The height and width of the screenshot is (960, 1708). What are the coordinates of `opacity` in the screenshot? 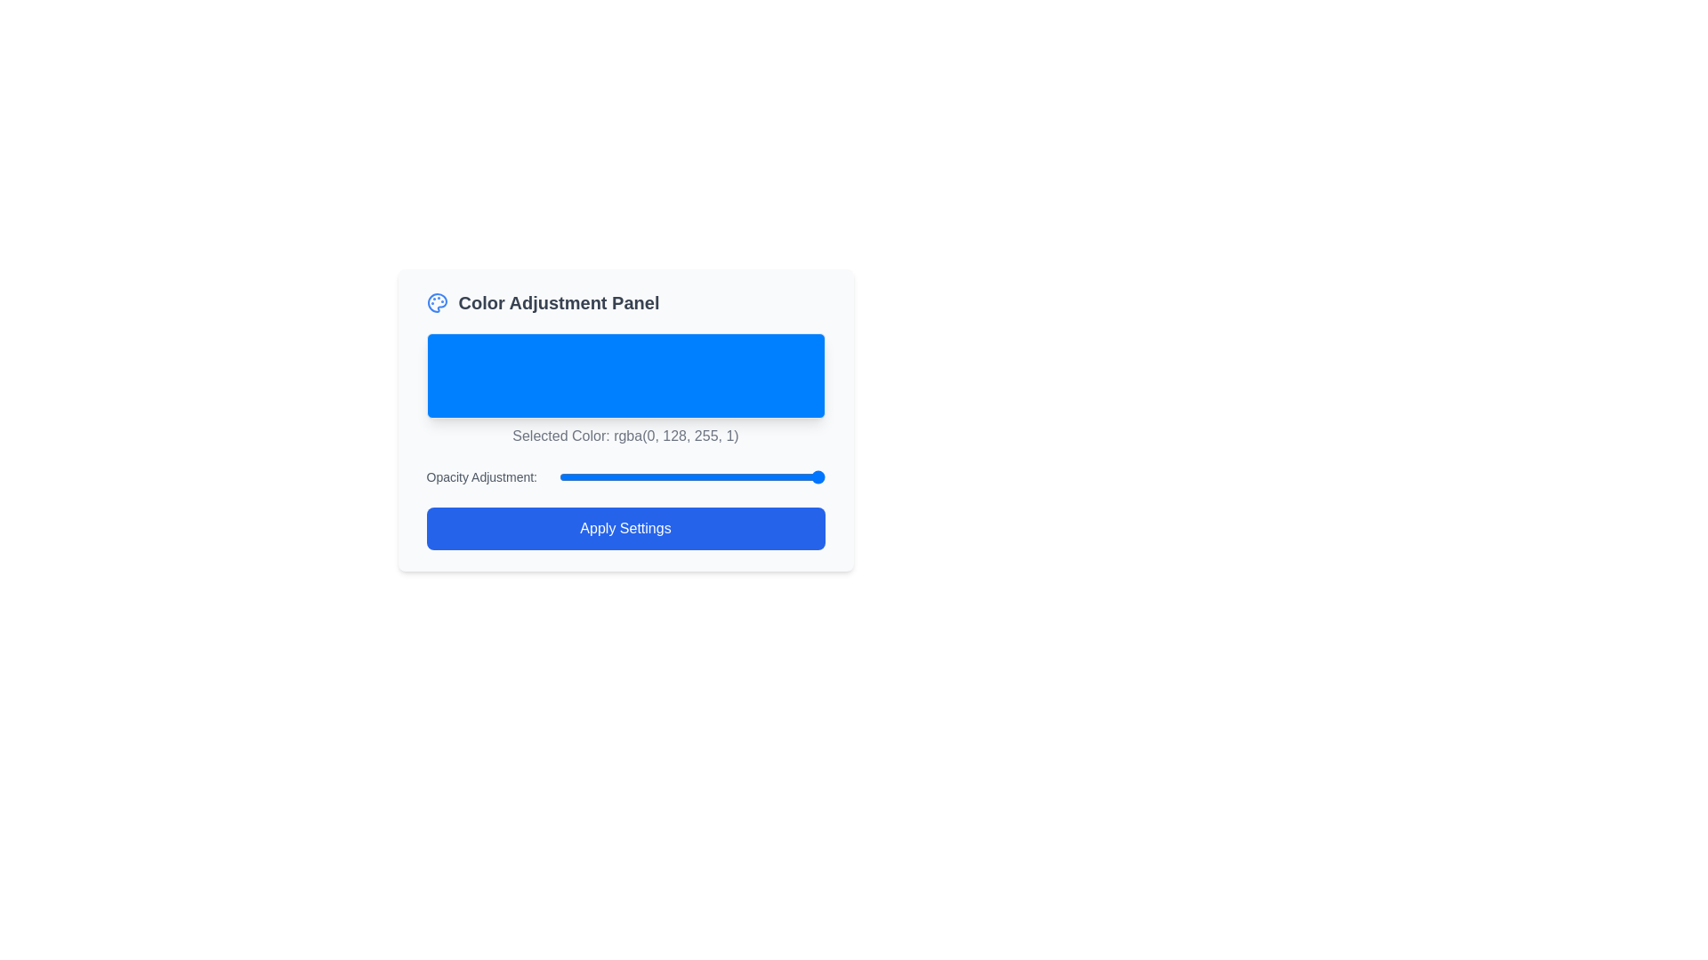 It's located at (558, 476).